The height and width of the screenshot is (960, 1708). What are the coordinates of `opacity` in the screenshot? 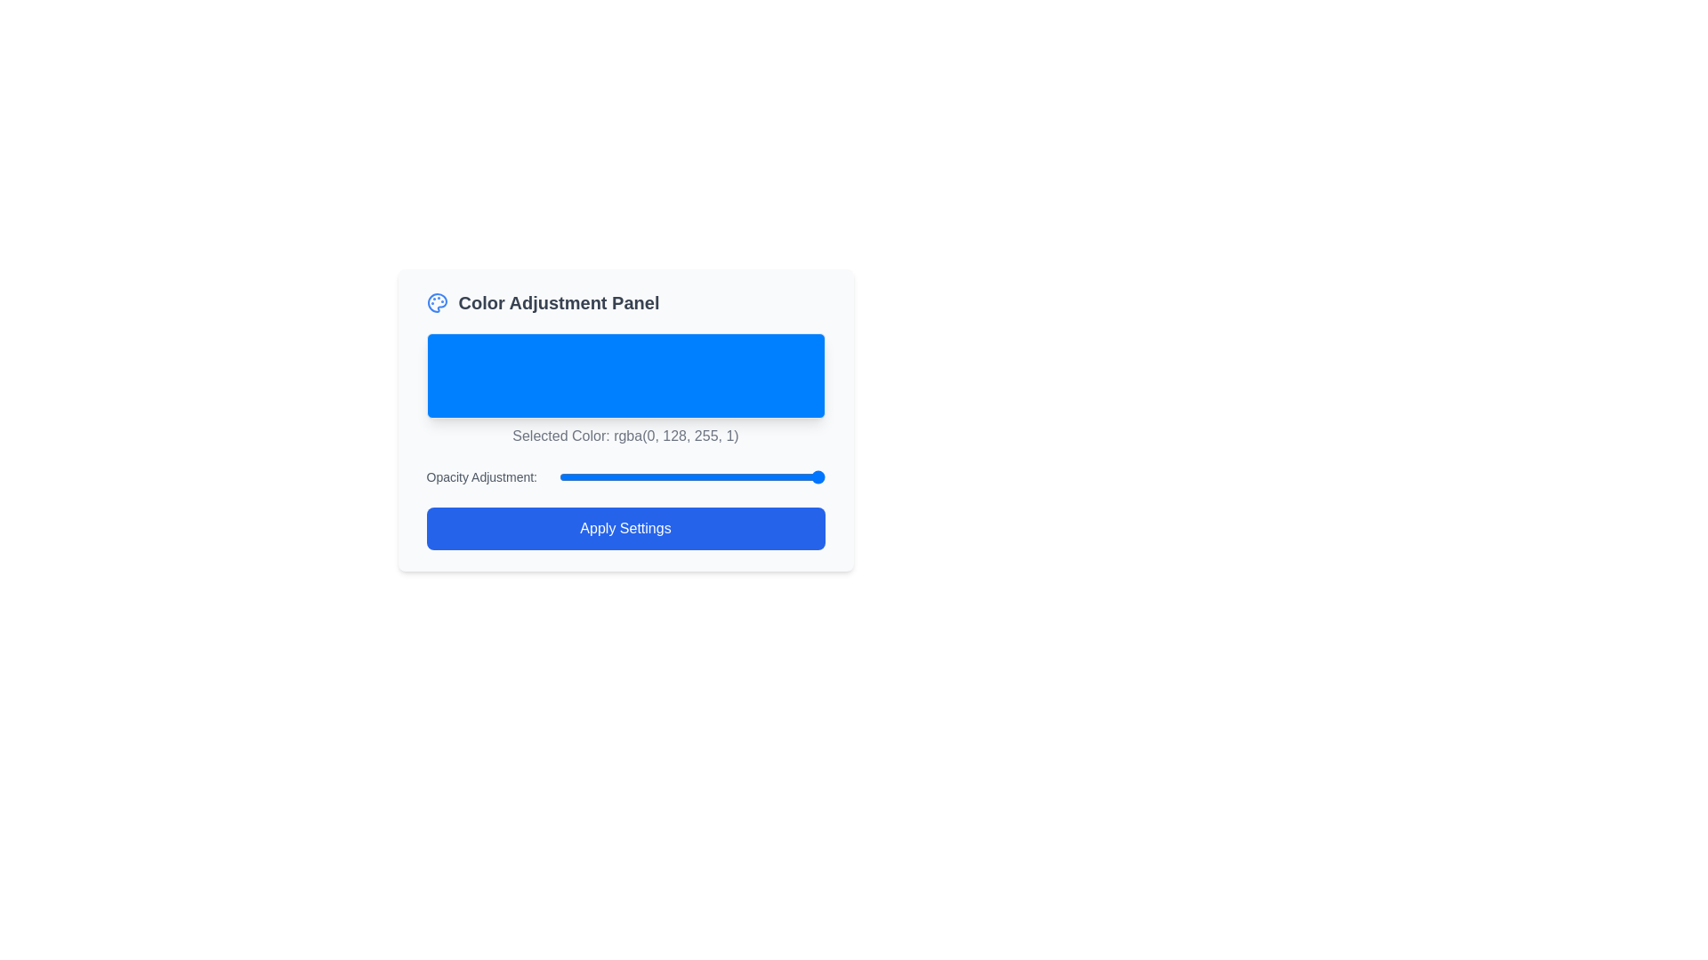 It's located at (558, 476).